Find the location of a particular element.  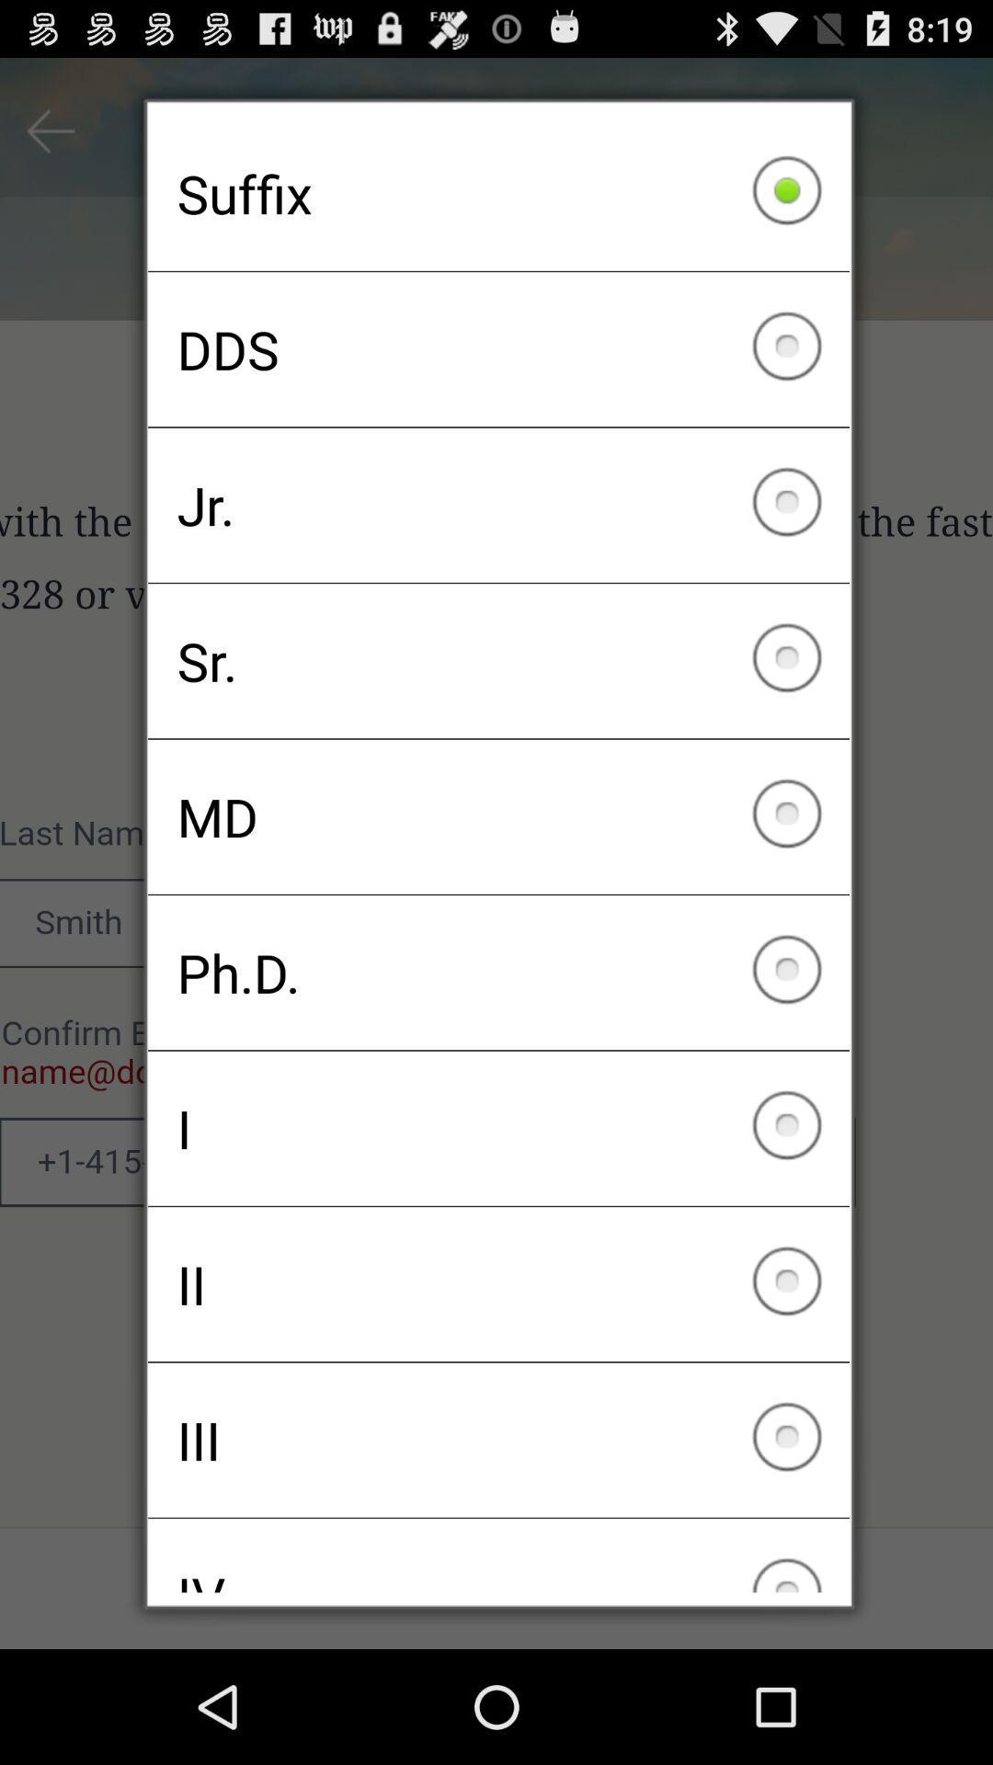

icon below md icon is located at coordinates (498, 972).